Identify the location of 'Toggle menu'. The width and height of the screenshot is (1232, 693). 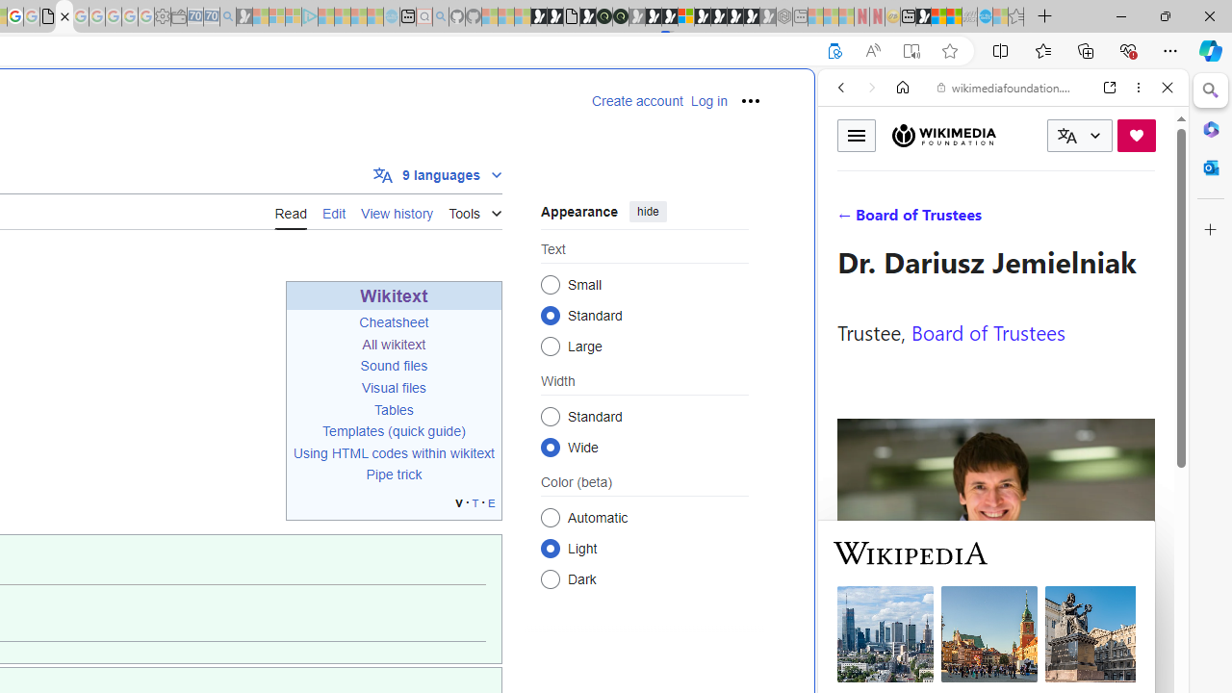
(856, 134).